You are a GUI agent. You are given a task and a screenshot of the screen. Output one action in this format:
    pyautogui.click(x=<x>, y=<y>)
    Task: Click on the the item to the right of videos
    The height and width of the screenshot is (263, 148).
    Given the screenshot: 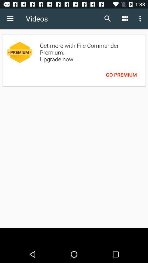 What is the action you would take?
    pyautogui.click(x=108, y=19)
    